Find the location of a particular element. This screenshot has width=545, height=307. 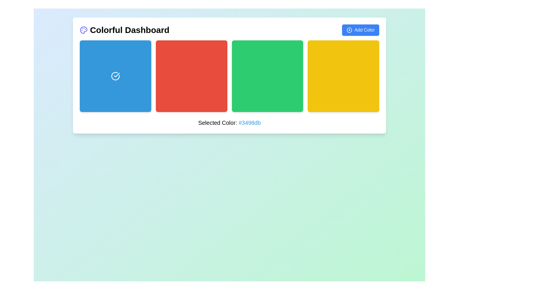

the selection confirmation icon located centrally within the first blue square under the 'Colorful Dashboard' heading is located at coordinates (115, 76).